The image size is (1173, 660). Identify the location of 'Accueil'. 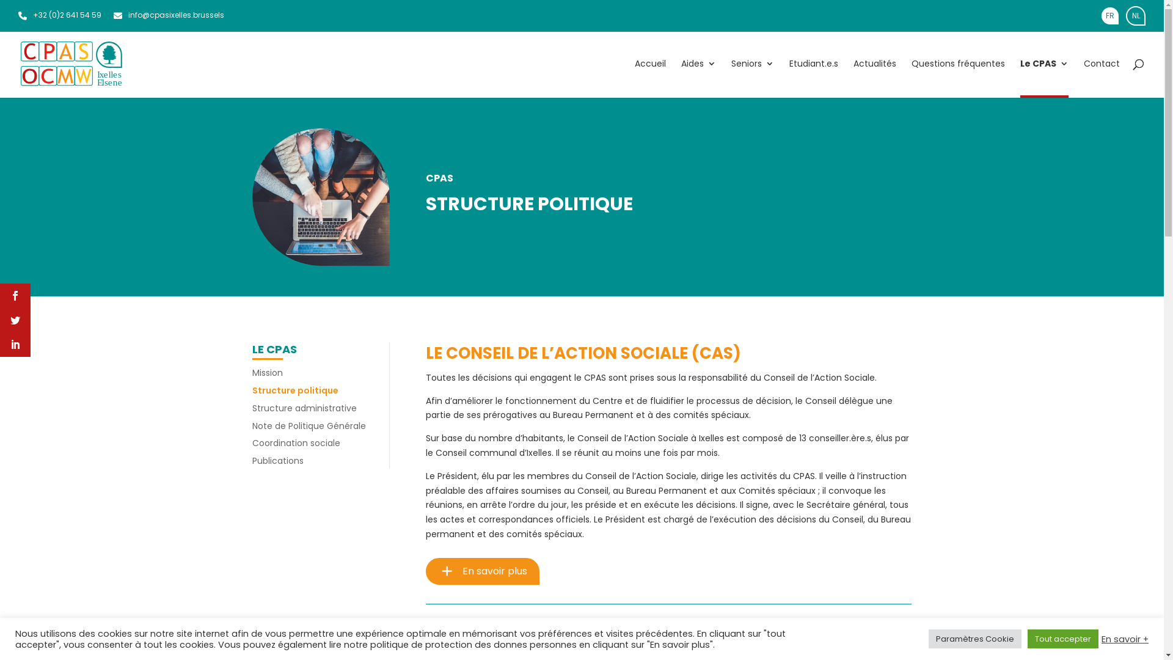
(649, 78).